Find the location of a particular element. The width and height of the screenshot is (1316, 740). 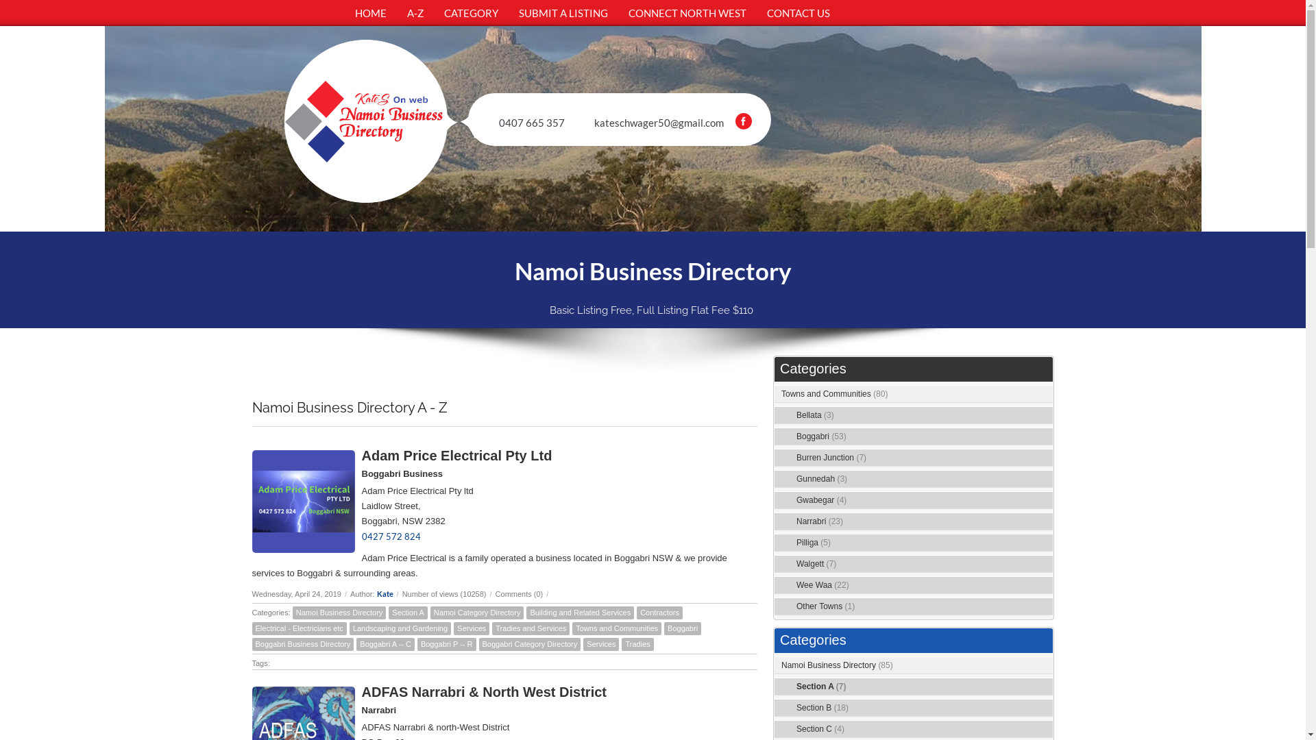

'Boggabri (53)' is located at coordinates (821, 436).